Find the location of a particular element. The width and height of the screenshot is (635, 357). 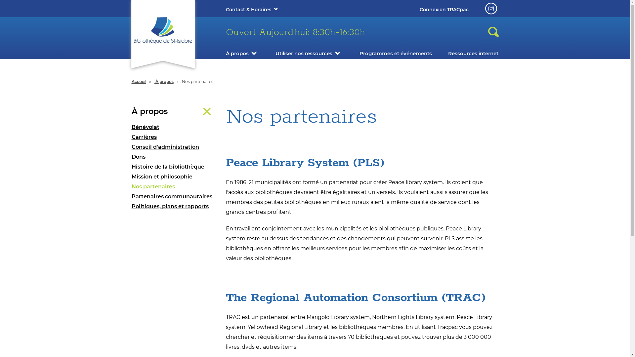

'Contact & Horaires' is located at coordinates (225, 10).